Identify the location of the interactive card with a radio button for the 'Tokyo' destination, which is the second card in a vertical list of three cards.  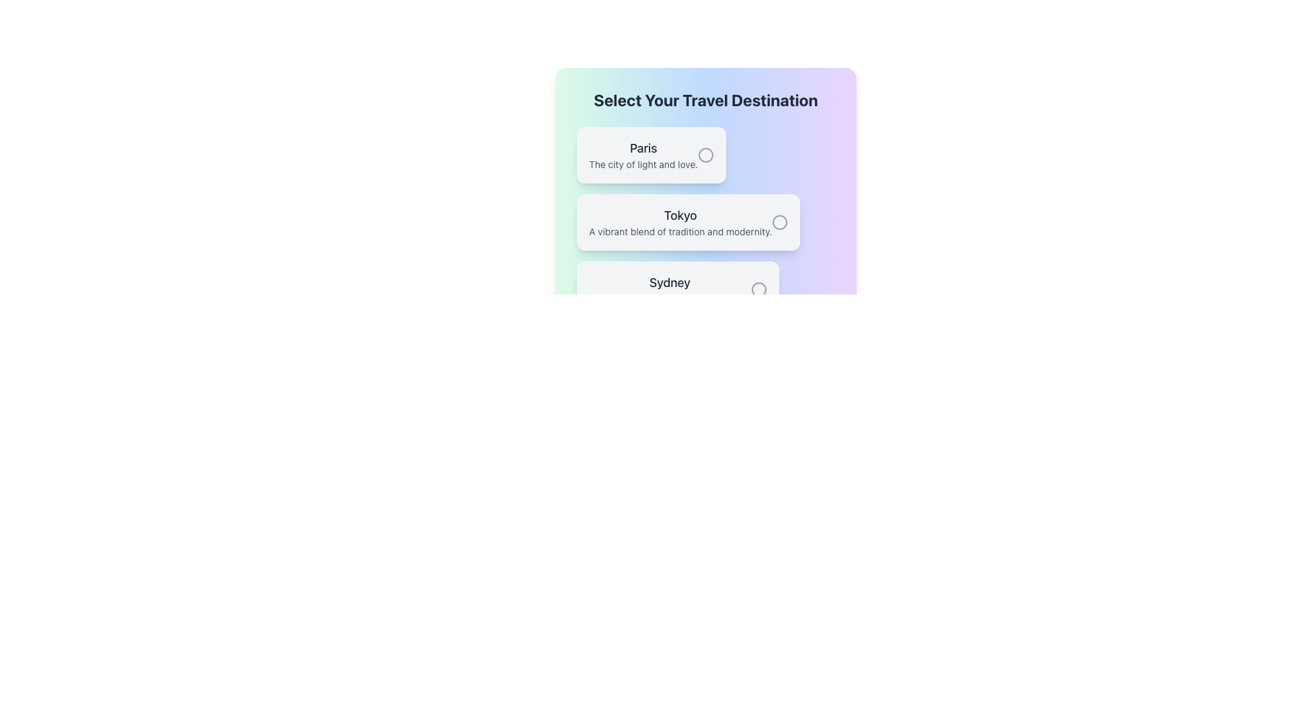
(689, 222).